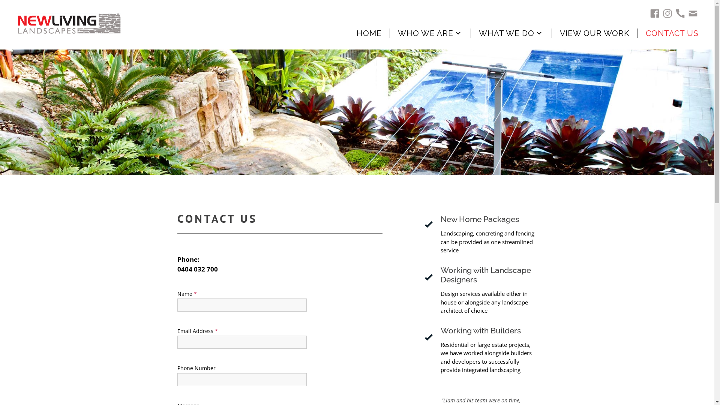 Image resolution: width=720 pixels, height=405 pixels. What do you see at coordinates (519, 33) in the screenshot?
I see `'WHAT WE DO'` at bounding box center [519, 33].